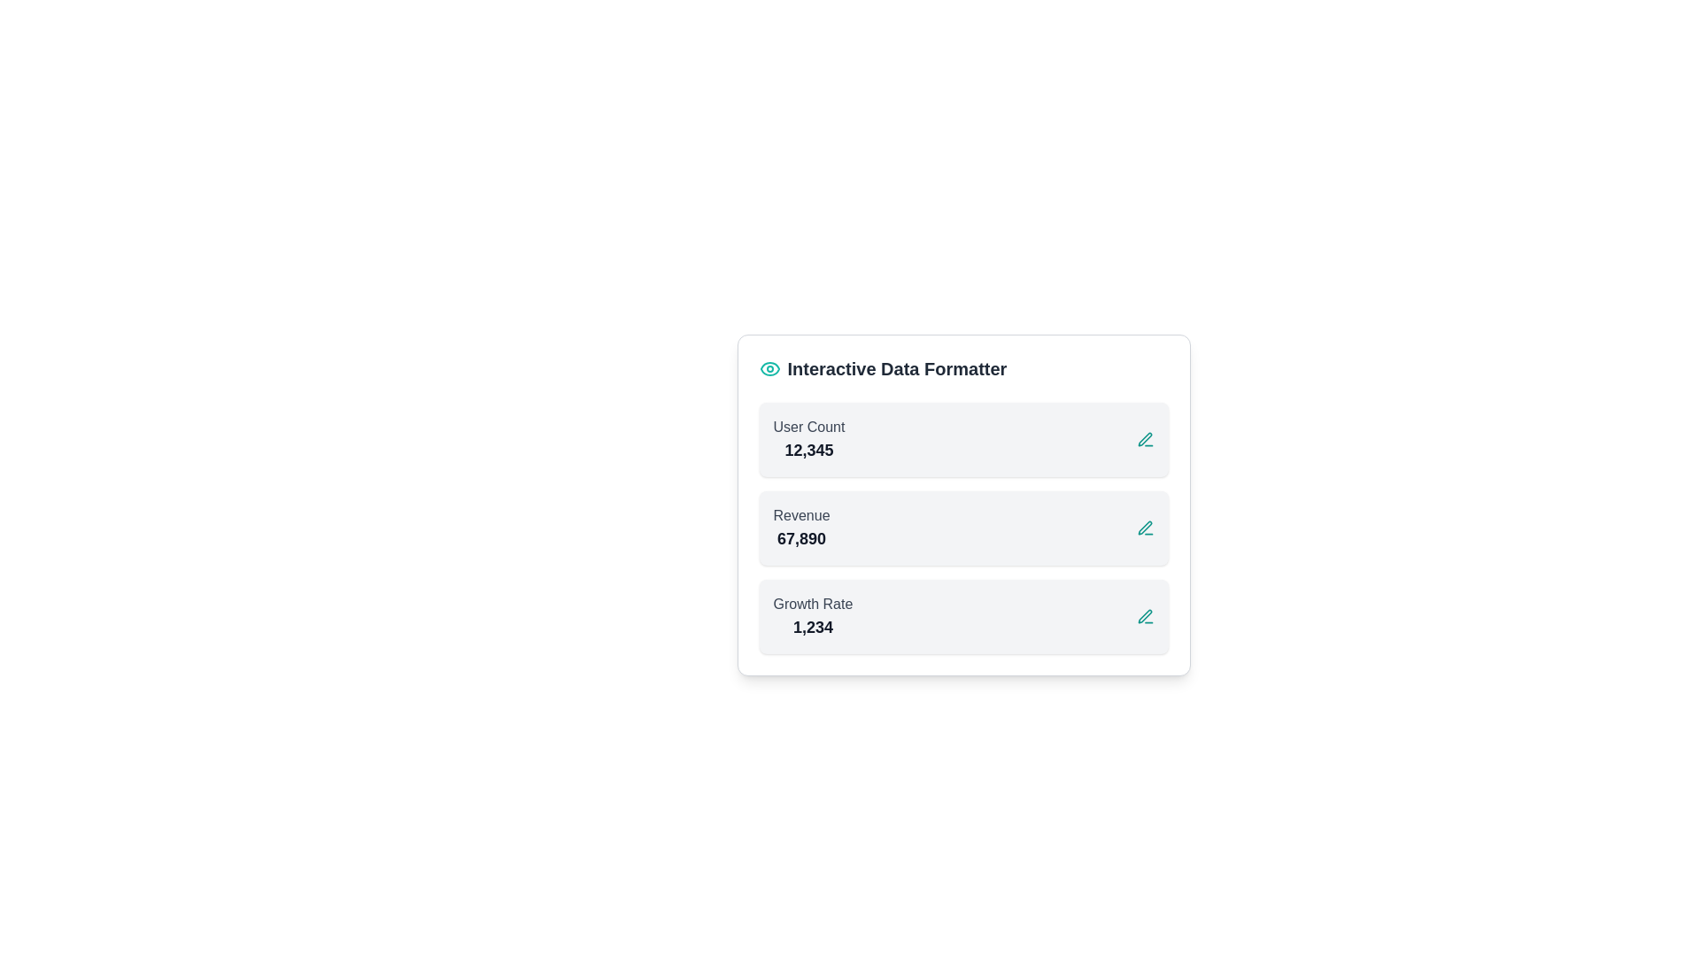 Image resolution: width=1700 pixels, height=956 pixels. Describe the element at coordinates (800, 528) in the screenshot. I see `the text display area that shows 'Revenue' and the value '67,890', which is positioned centrally in a rounded rectangle card, below 'User Count' and above 'Growth Rate'` at that location.